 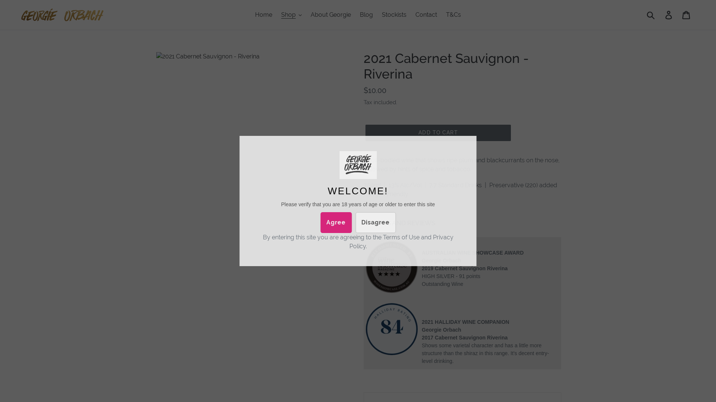 I want to click on 'Submit', so click(x=651, y=15).